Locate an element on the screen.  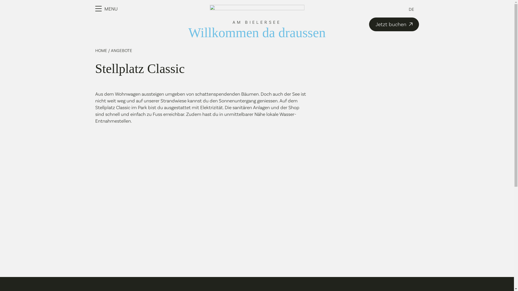
'Jetzt buchen' is located at coordinates (394, 24).